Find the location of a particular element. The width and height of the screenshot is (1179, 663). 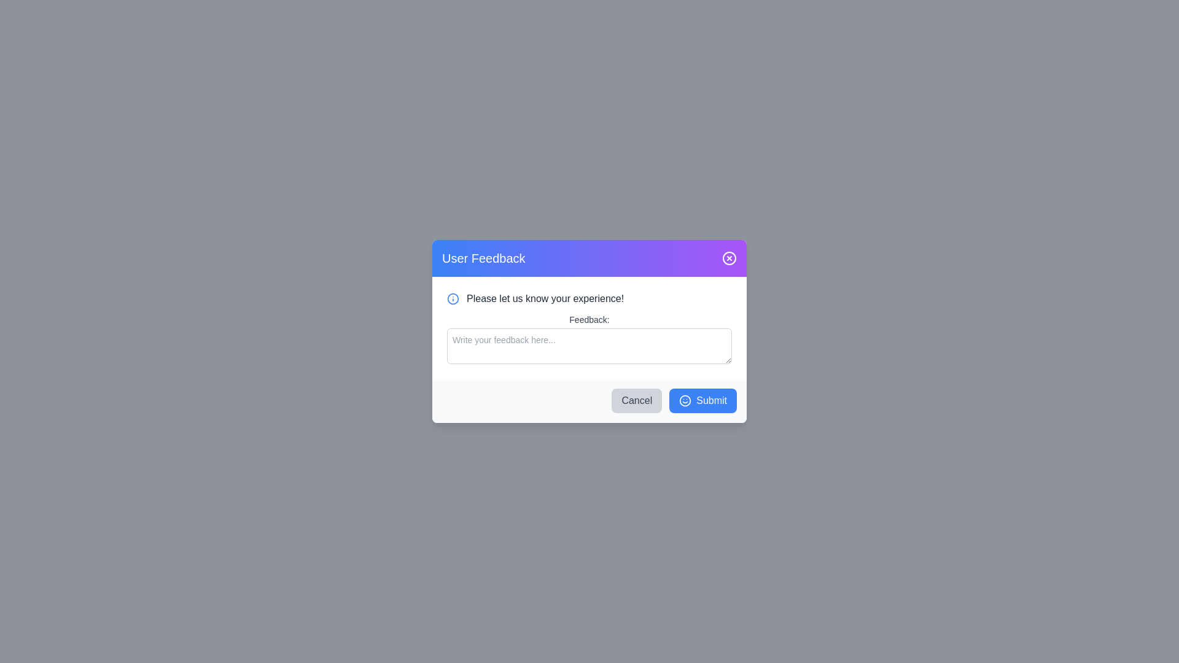

the Icon Graphic (SVG Circle) located near the bottom right of the modal dialog, specifically to the left of the 'Submit' button is located at coordinates (685, 400).